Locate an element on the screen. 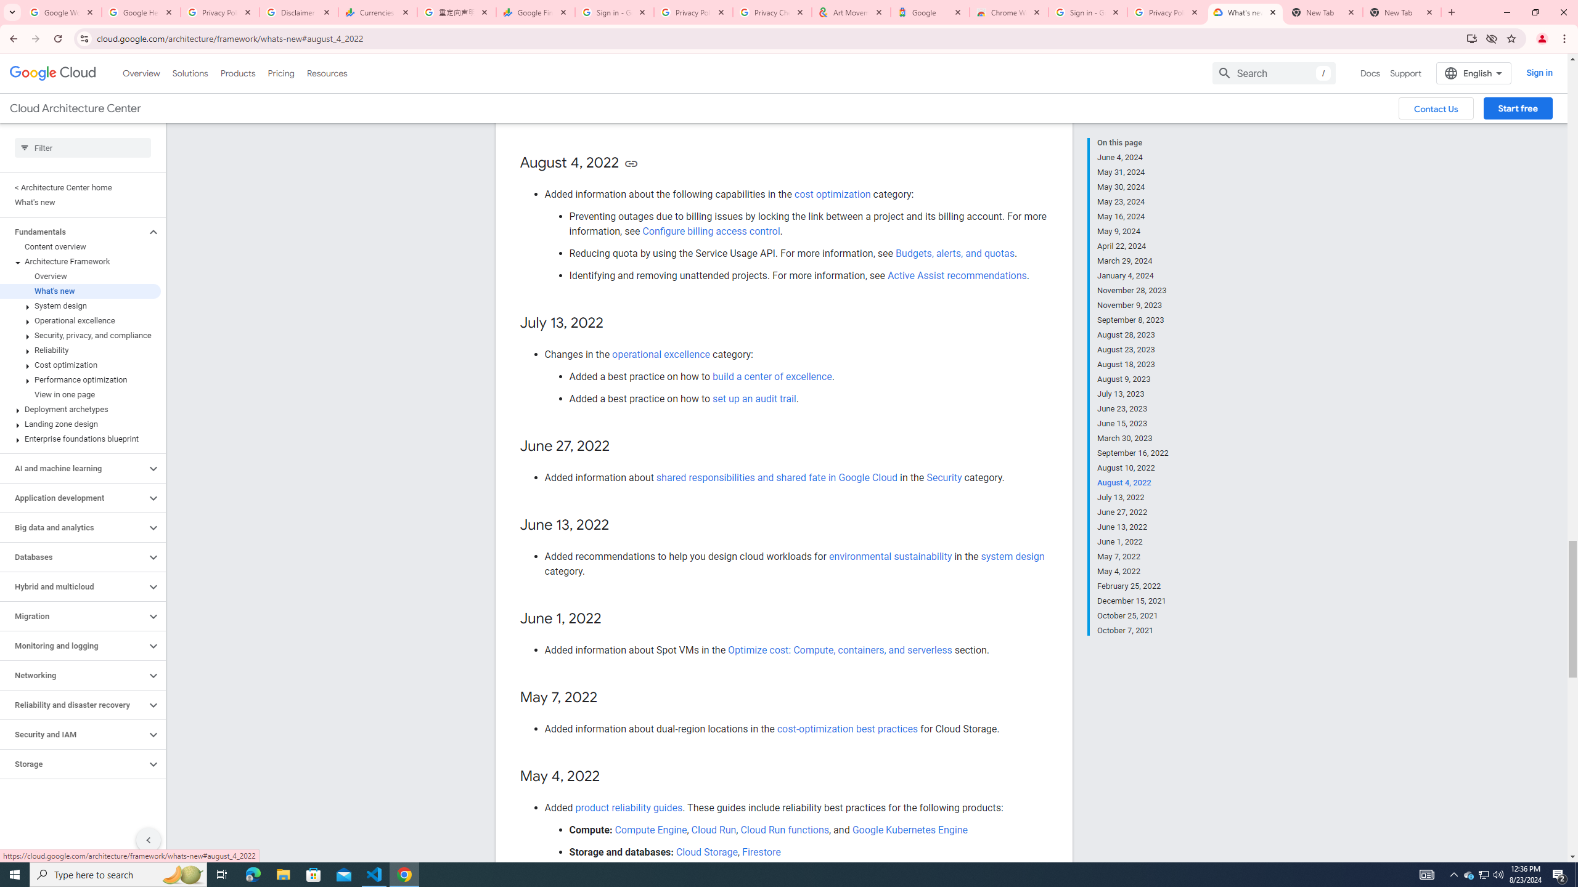  'May 30, 2024' is located at coordinates (1133, 186).